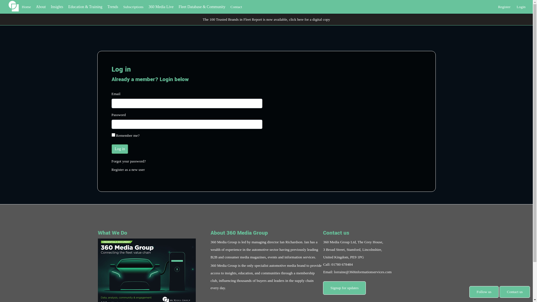 Image resolution: width=537 pixels, height=302 pixels. What do you see at coordinates (323, 288) in the screenshot?
I see `'Signup for updates'` at bounding box center [323, 288].